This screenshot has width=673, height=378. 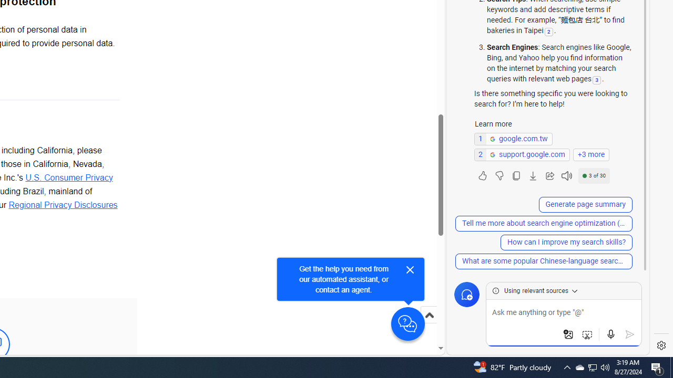 I want to click on 'Regional Privacy Disclosures - opens in new window or tab', so click(x=62, y=204).